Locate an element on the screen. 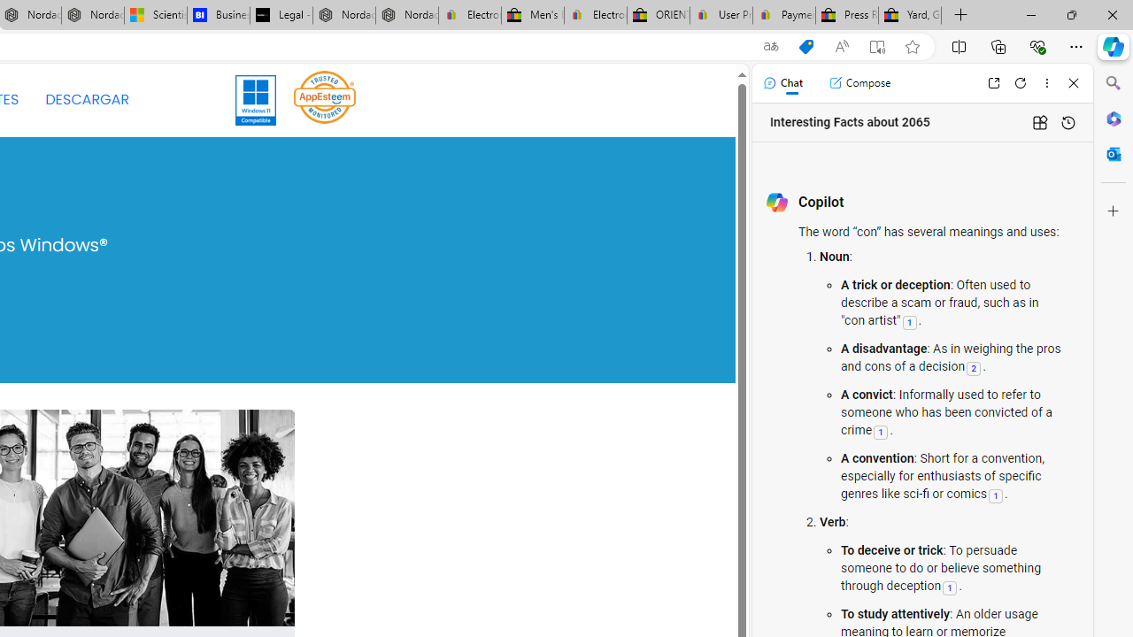  'Windows 11' is located at coordinates (255, 100).